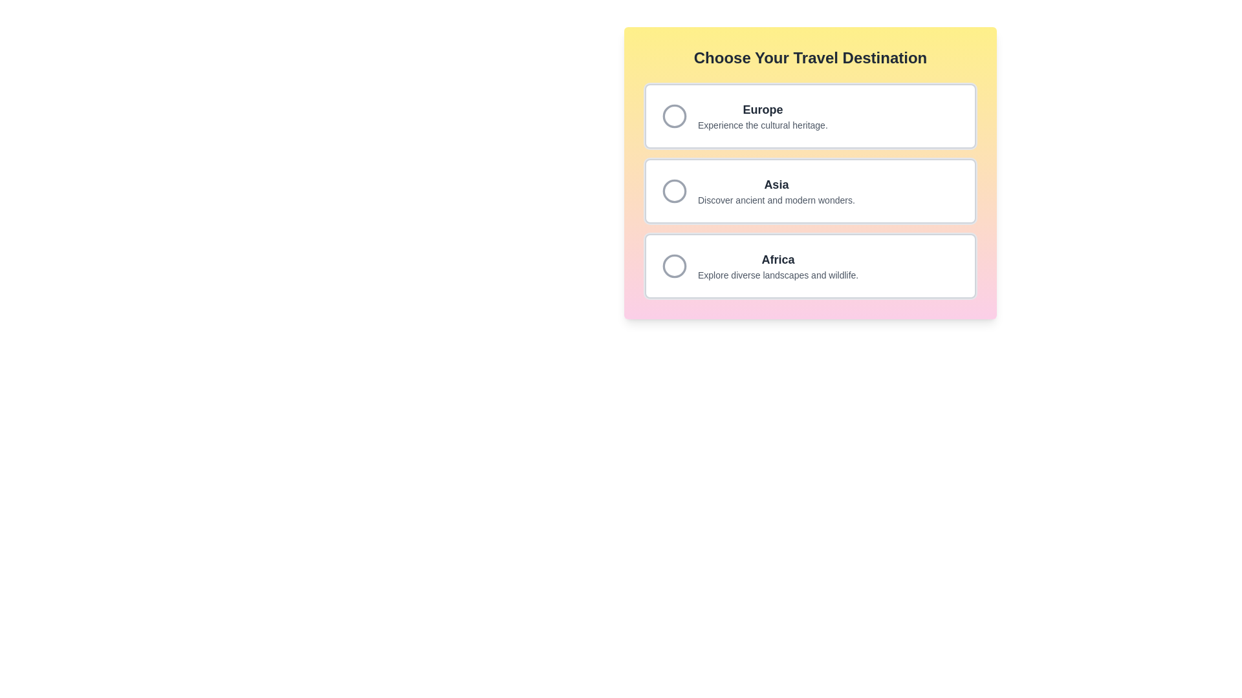 Image resolution: width=1242 pixels, height=698 pixels. Describe the element at coordinates (778, 266) in the screenshot. I see `the Text-based selector card for 'Africa'` at that location.